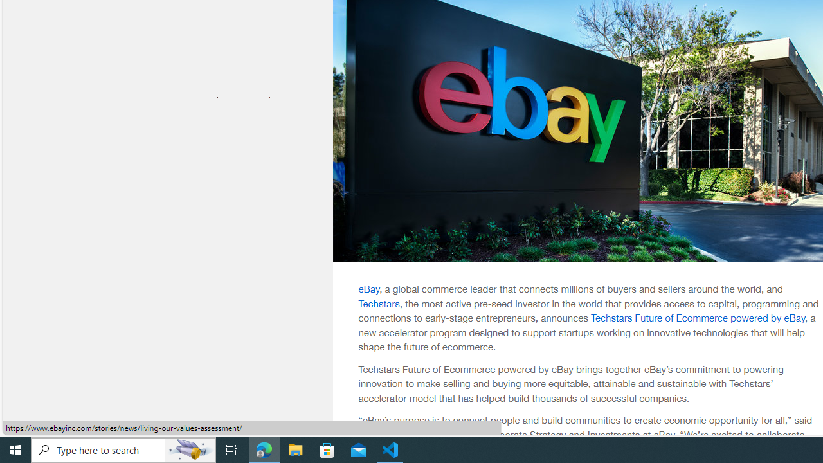 The image size is (823, 463). Describe the element at coordinates (697, 318) in the screenshot. I see `'Techstars Future of Ecommerce powered by eBay'` at that location.